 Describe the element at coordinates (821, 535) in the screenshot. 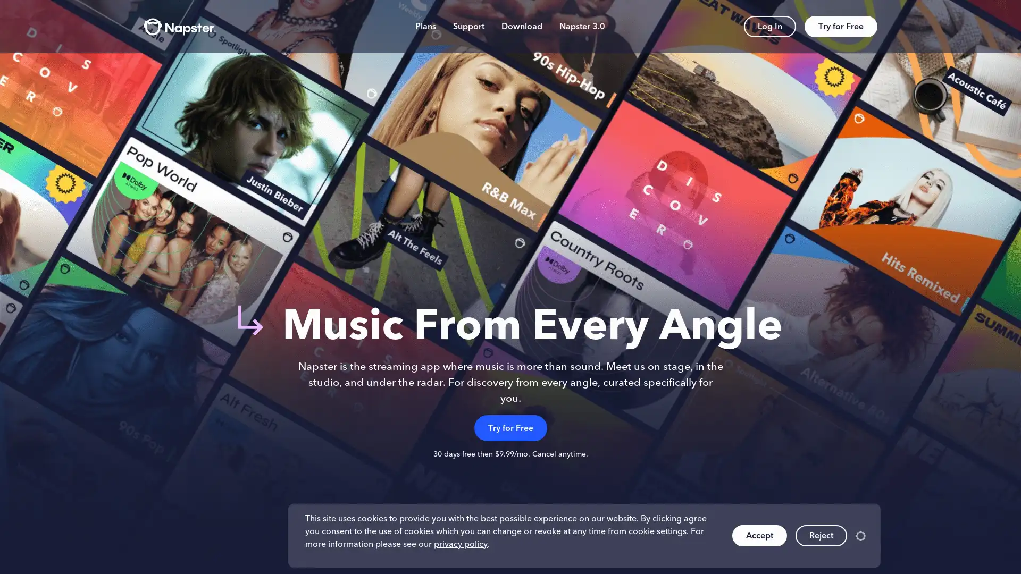

I see `Reject` at that location.